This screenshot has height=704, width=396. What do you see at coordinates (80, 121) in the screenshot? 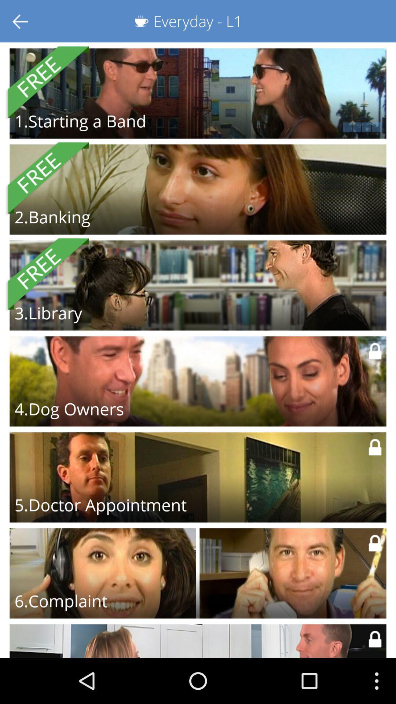
I see `the 1 starting a icon` at bounding box center [80, 121].